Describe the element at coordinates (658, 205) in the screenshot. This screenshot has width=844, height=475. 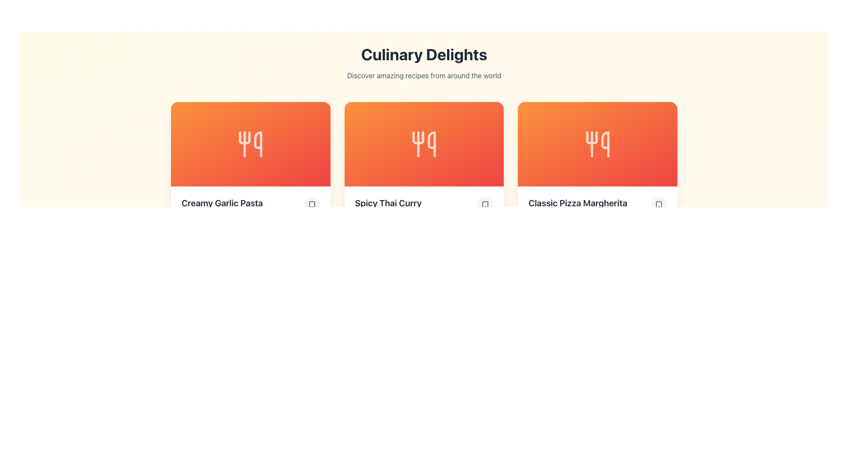
I see `the bookmark icon within the circular light gray background located in the bottom-right corner of the 'Classic Pizza Margherita' recipe card` at that location.